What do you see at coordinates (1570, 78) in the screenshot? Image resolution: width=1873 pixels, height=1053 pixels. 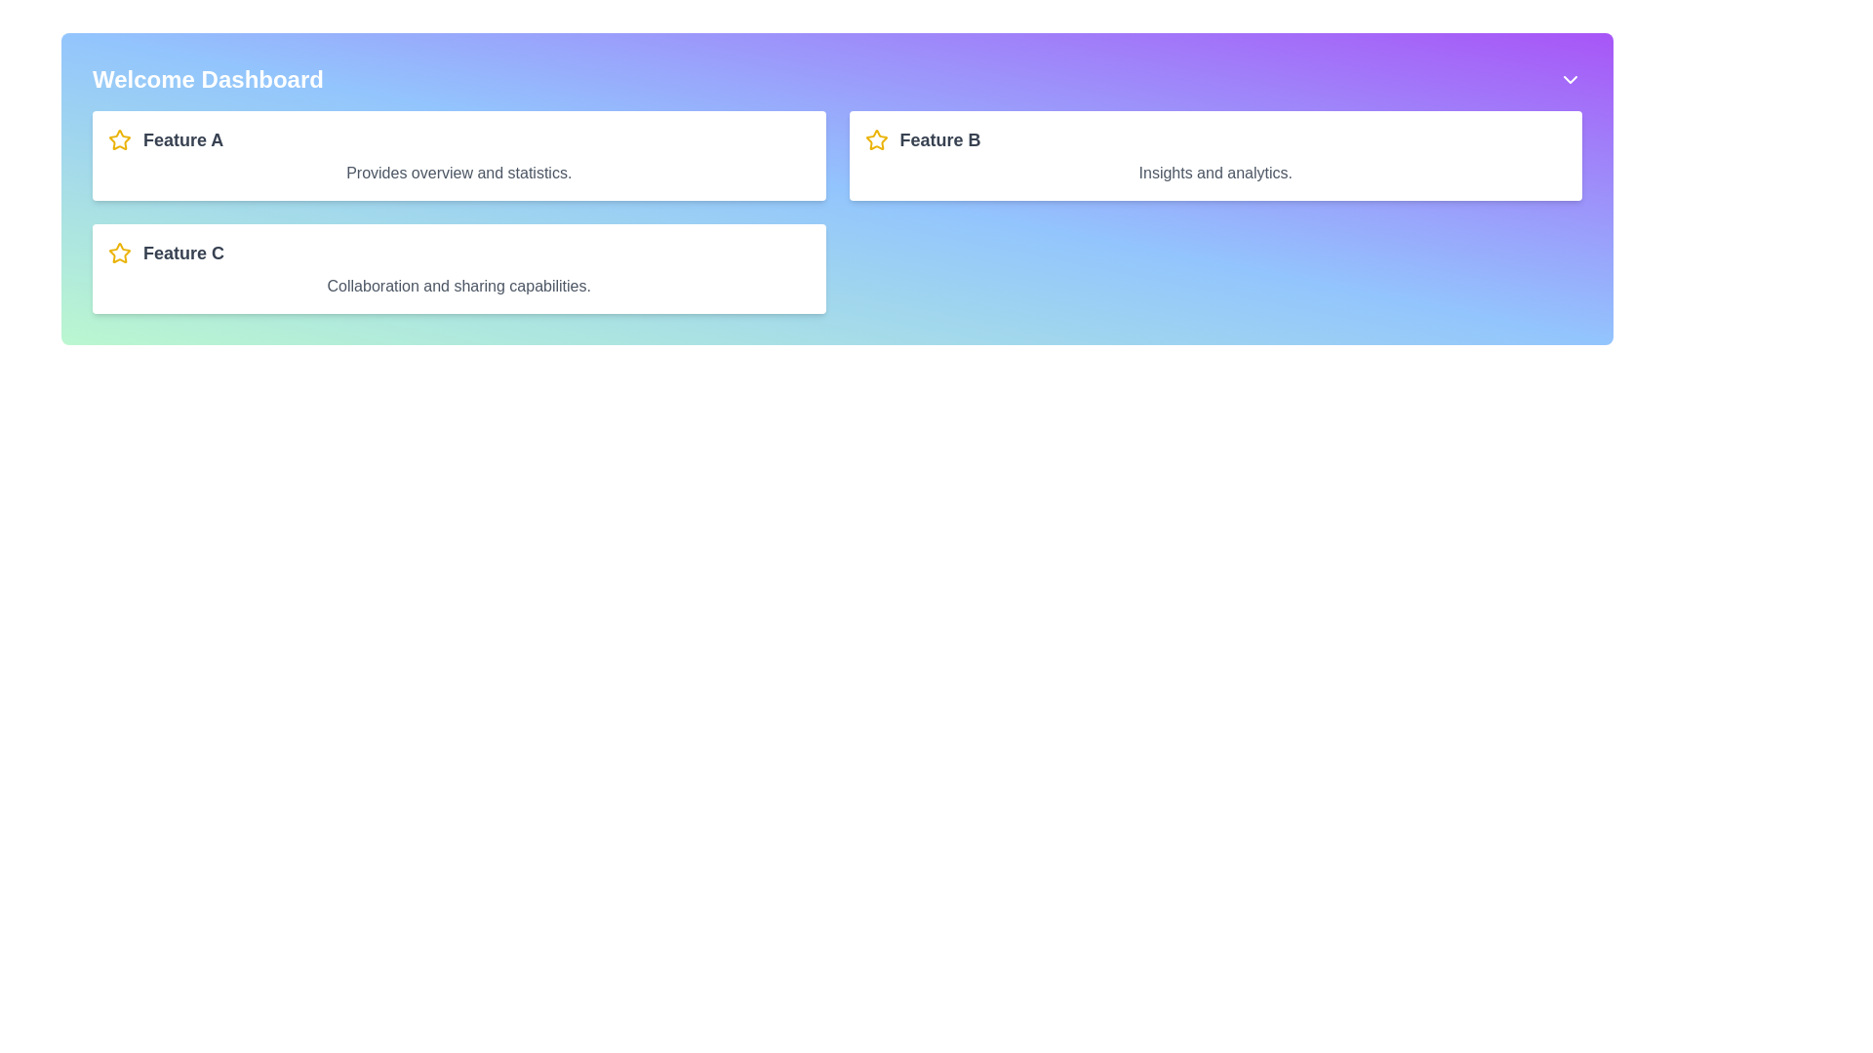 I see `the right-chevron arrow icon` at bounding box center [1570, 78].